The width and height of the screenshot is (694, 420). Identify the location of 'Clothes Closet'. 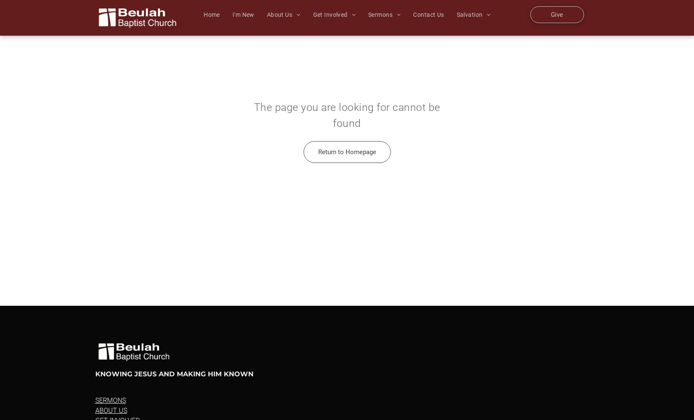
(423, 167).